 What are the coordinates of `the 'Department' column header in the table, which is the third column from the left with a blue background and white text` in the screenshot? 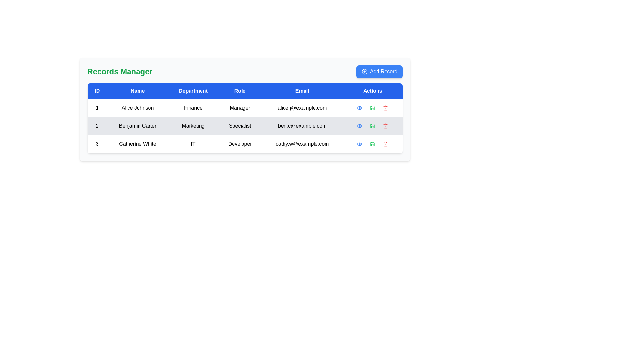 It's located at (193, 91).